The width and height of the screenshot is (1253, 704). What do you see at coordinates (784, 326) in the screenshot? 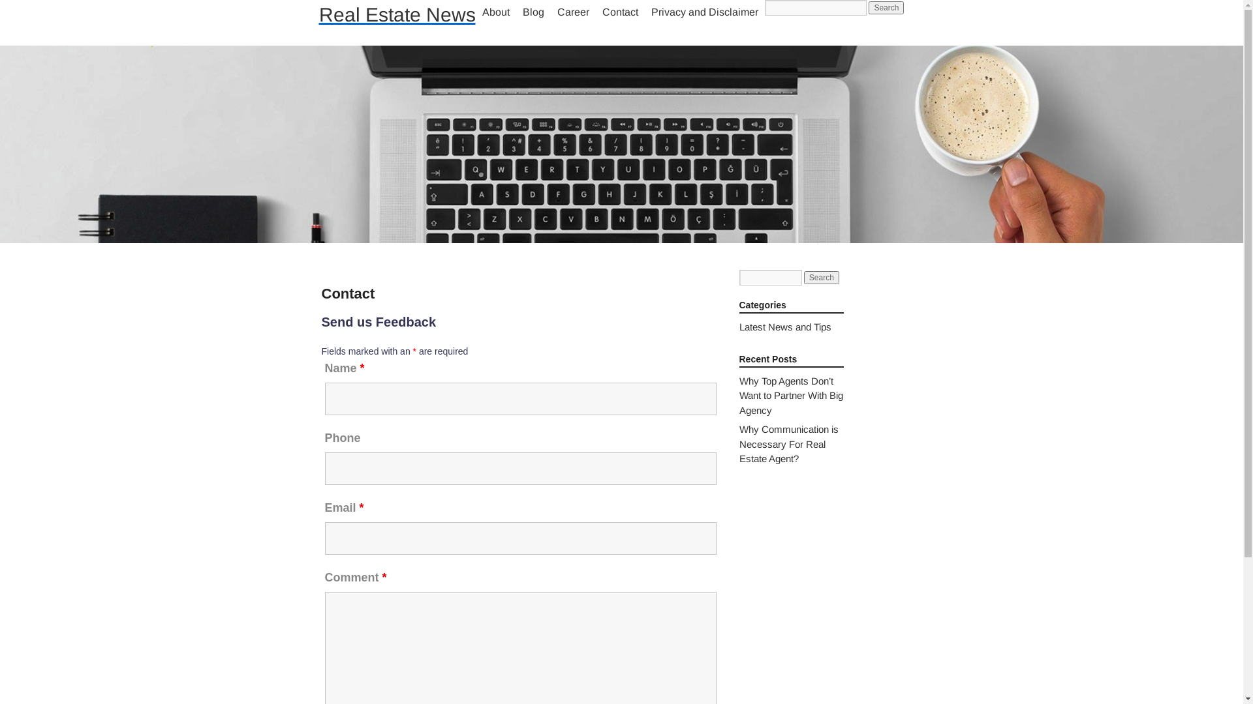
I see `'Latest News and Tips'` at bounding box center [784, 326].